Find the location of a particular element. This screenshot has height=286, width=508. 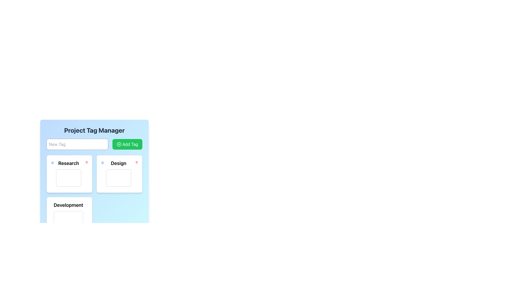

the text label 'Design' which is displayed in bold font within the second card under the title 'Project Tag Manager' is located at coordinates (118, 163).